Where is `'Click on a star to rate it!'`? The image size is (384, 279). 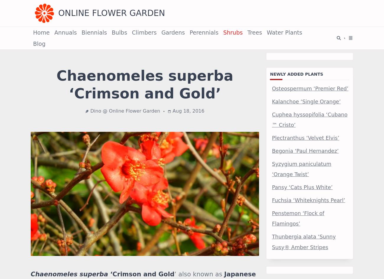 'Click on a star to rate it!' is located at coordinates (68, 57).